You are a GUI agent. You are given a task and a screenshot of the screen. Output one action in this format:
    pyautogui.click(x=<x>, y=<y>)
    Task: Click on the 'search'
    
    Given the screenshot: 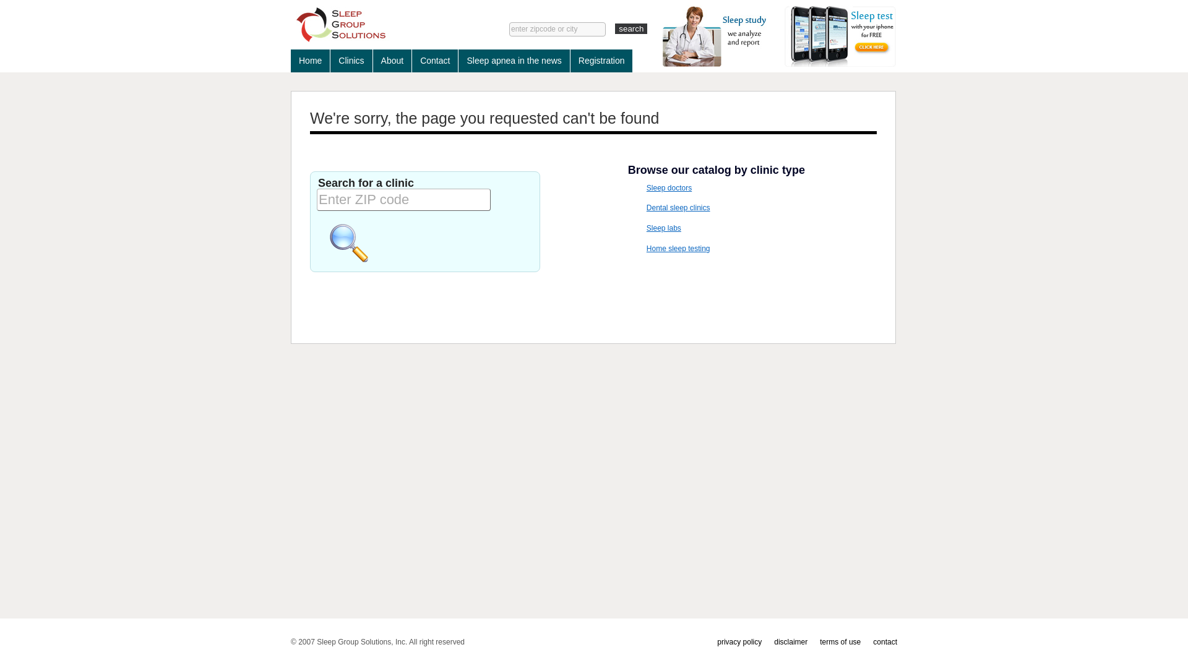 What is the action you would take?
    pyautogui.click(x=631, y=28)
    